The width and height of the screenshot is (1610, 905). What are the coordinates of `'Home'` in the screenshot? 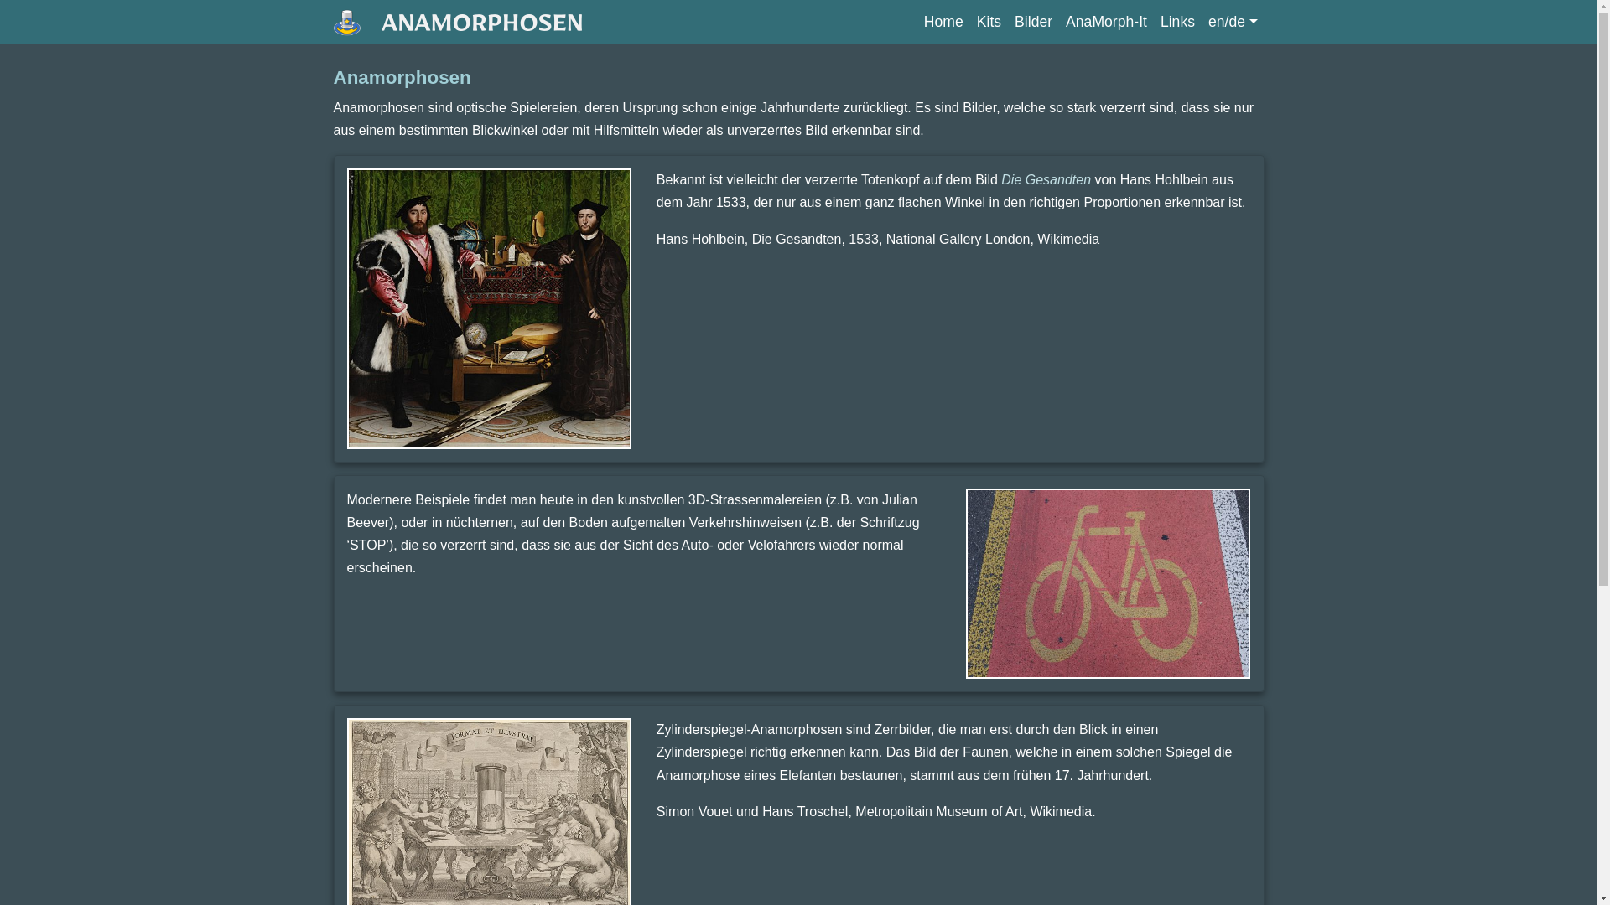 It's located at (943, 22).